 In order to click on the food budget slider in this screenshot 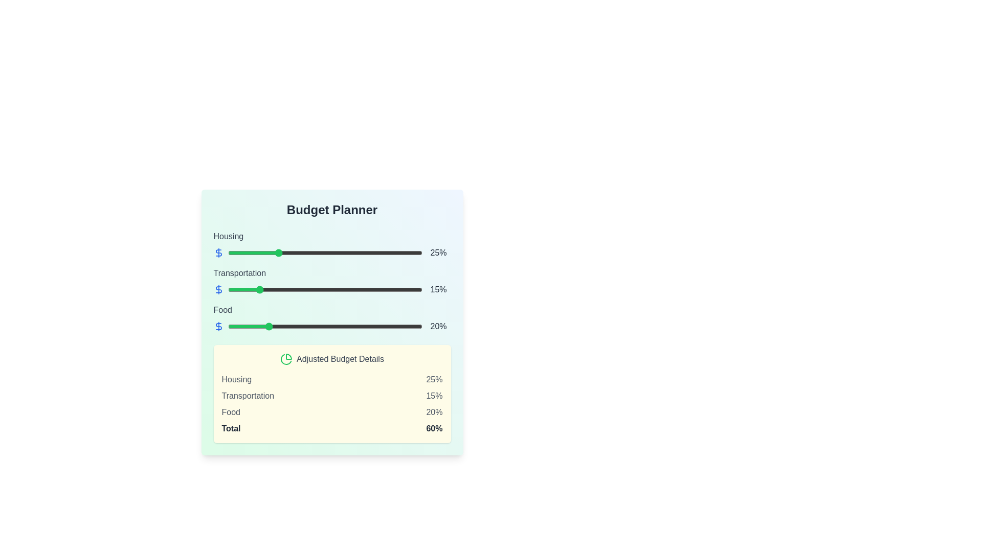, I will do `click(284, 327)`.